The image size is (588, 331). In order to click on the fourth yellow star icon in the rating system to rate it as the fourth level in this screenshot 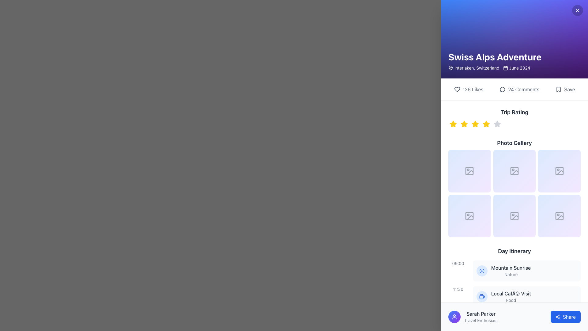, I will do `click(486, 124)`.